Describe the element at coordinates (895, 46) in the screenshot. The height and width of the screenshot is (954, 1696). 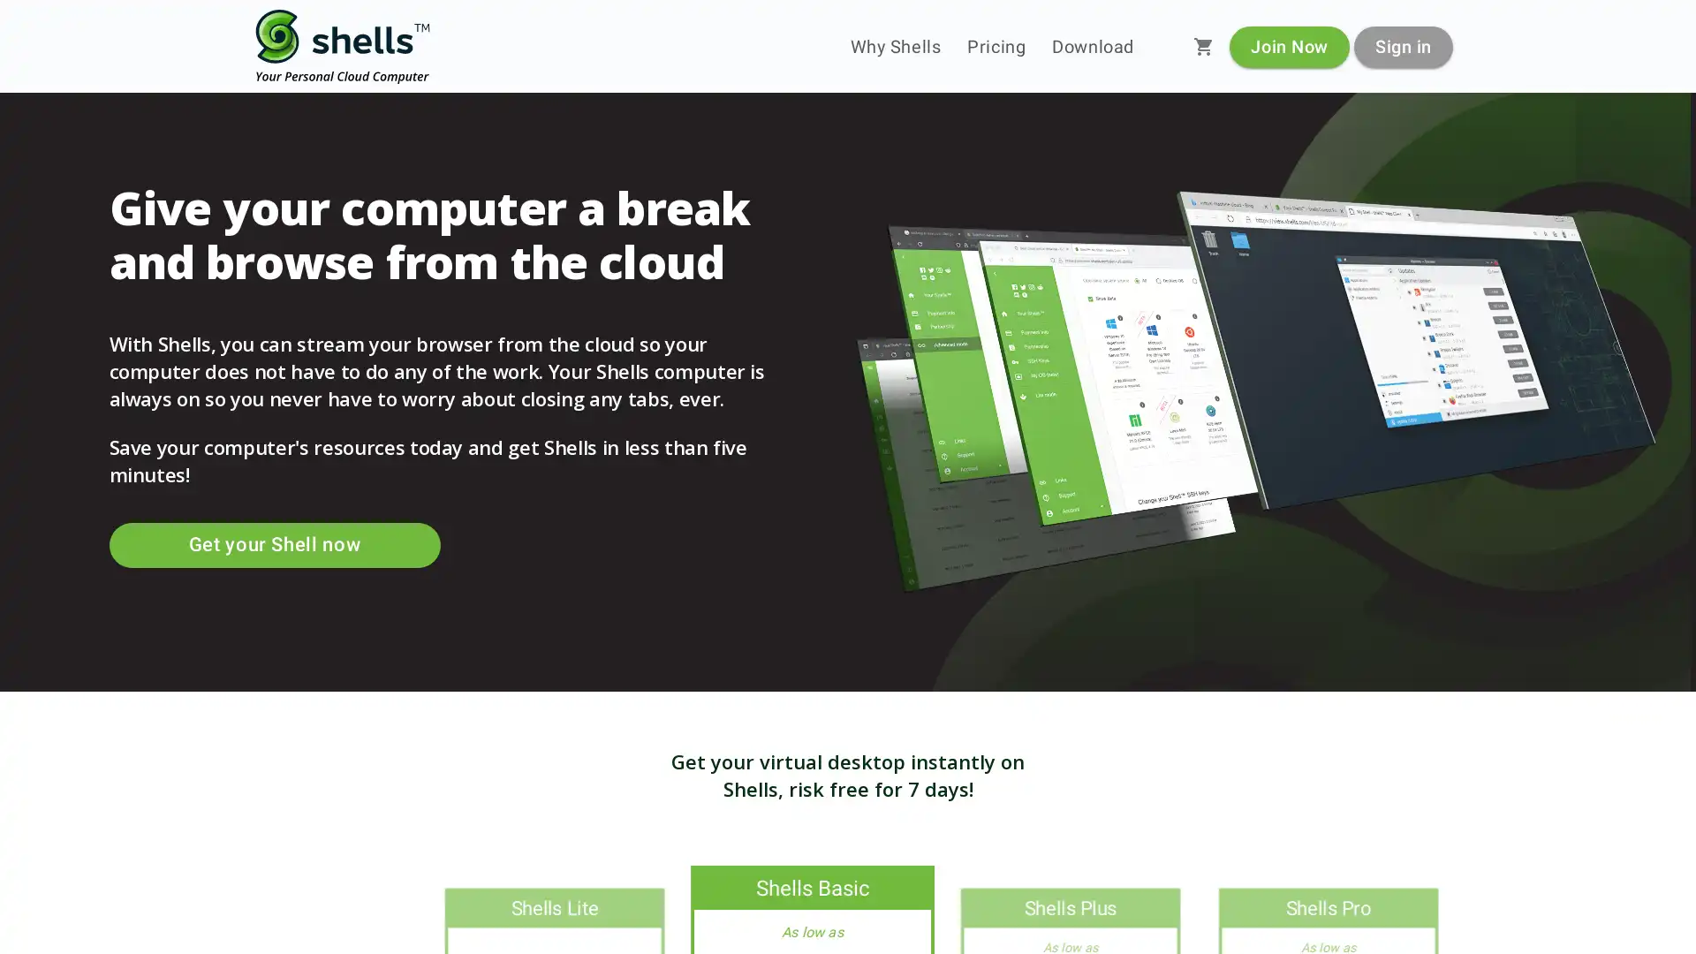
I see `Why Shells` at that location.